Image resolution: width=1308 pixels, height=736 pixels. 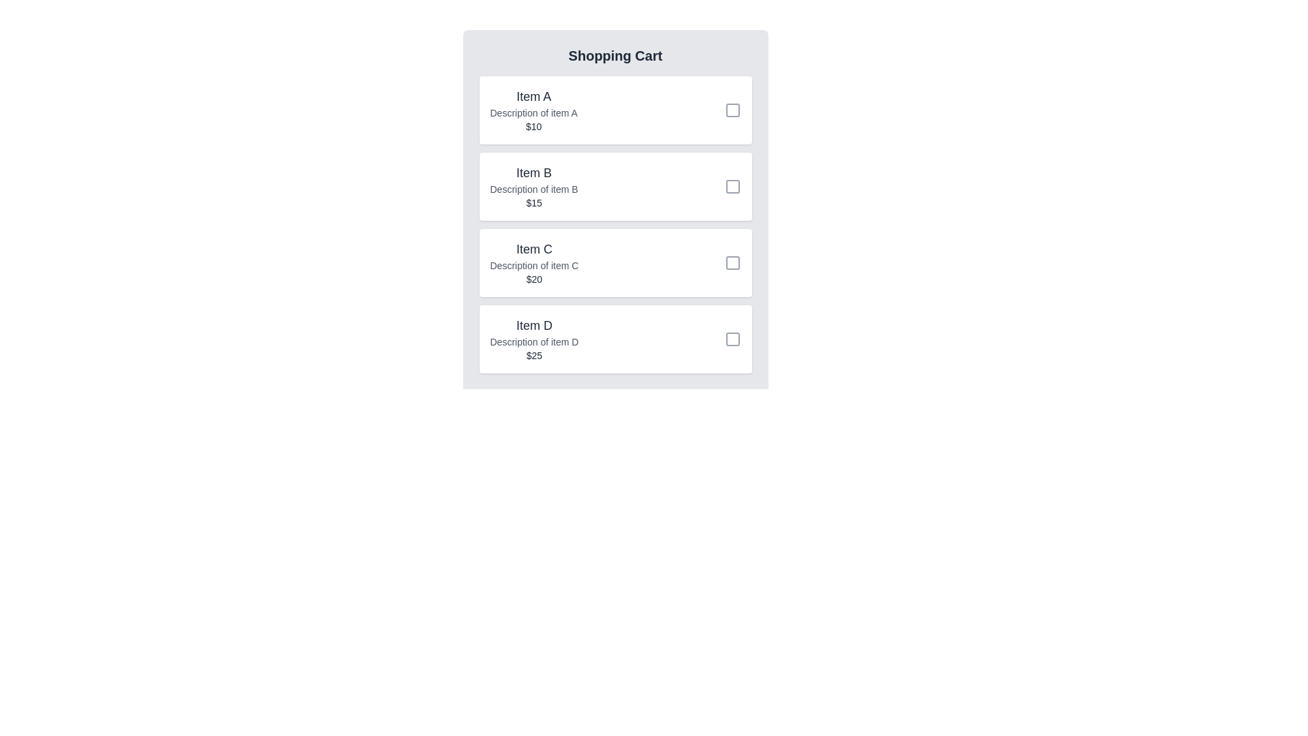 What do you see at coordinates (533, 326) in the screenshot?
I see `the Static Text Label displaying 'Item D', which is a bold, larger font, dark gray colored header positioned at the top-left corner of its group` at bounding box center [533, 326].